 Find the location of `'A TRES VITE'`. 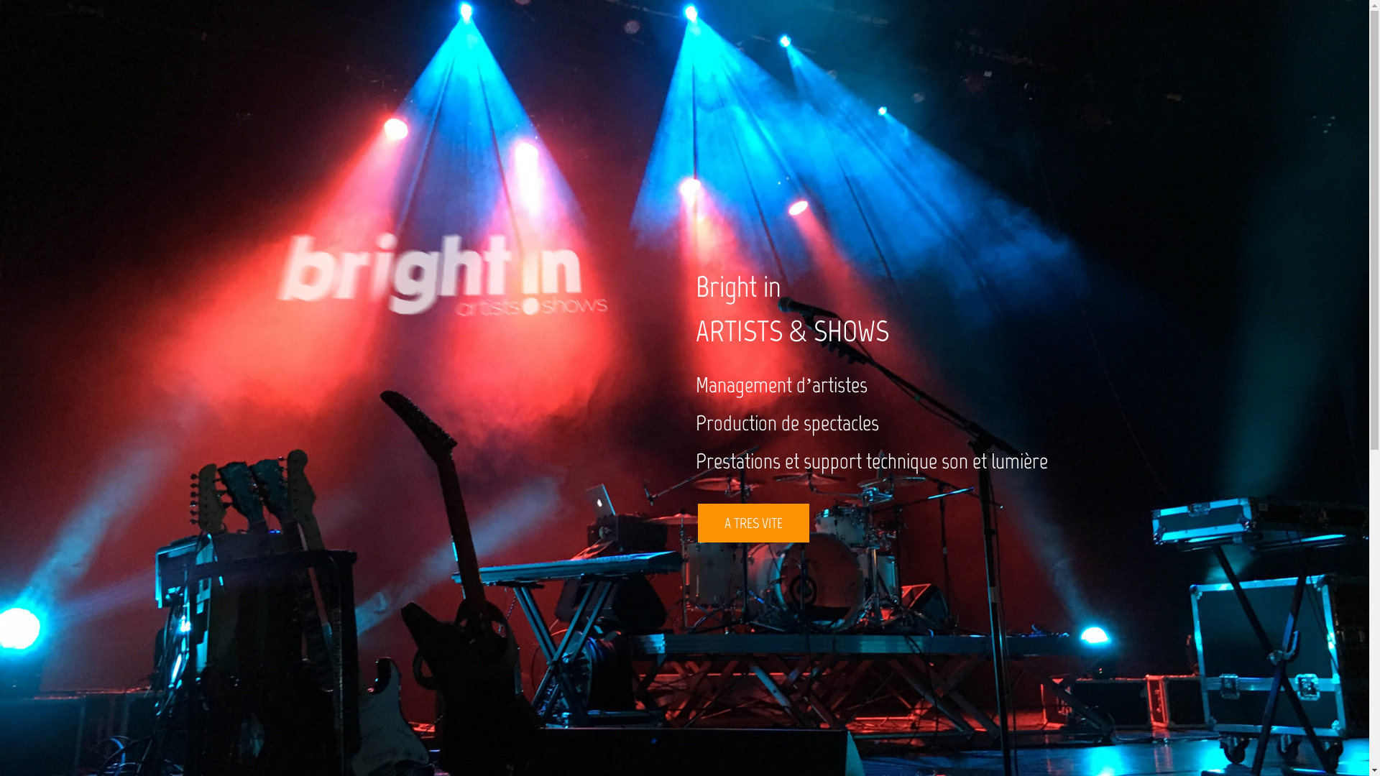

'A TRES VITE' is located at coordinates (752, 523).